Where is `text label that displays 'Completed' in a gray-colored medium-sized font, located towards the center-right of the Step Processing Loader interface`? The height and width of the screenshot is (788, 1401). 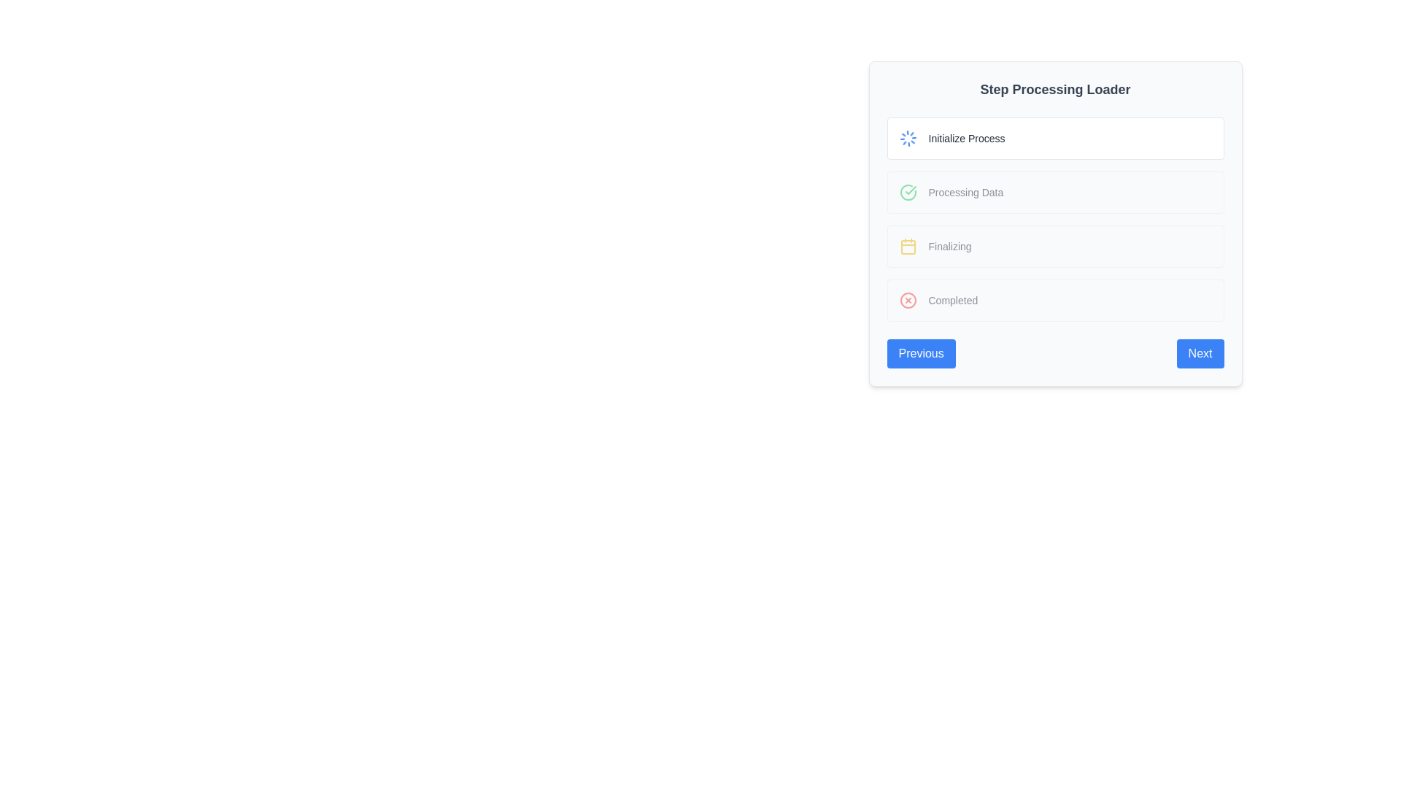 text label that displays 'Completed' in a gray-colored medium-sized font, located towards the center-right of the Step Processing Loader interface is located at coordinates (953, 300).